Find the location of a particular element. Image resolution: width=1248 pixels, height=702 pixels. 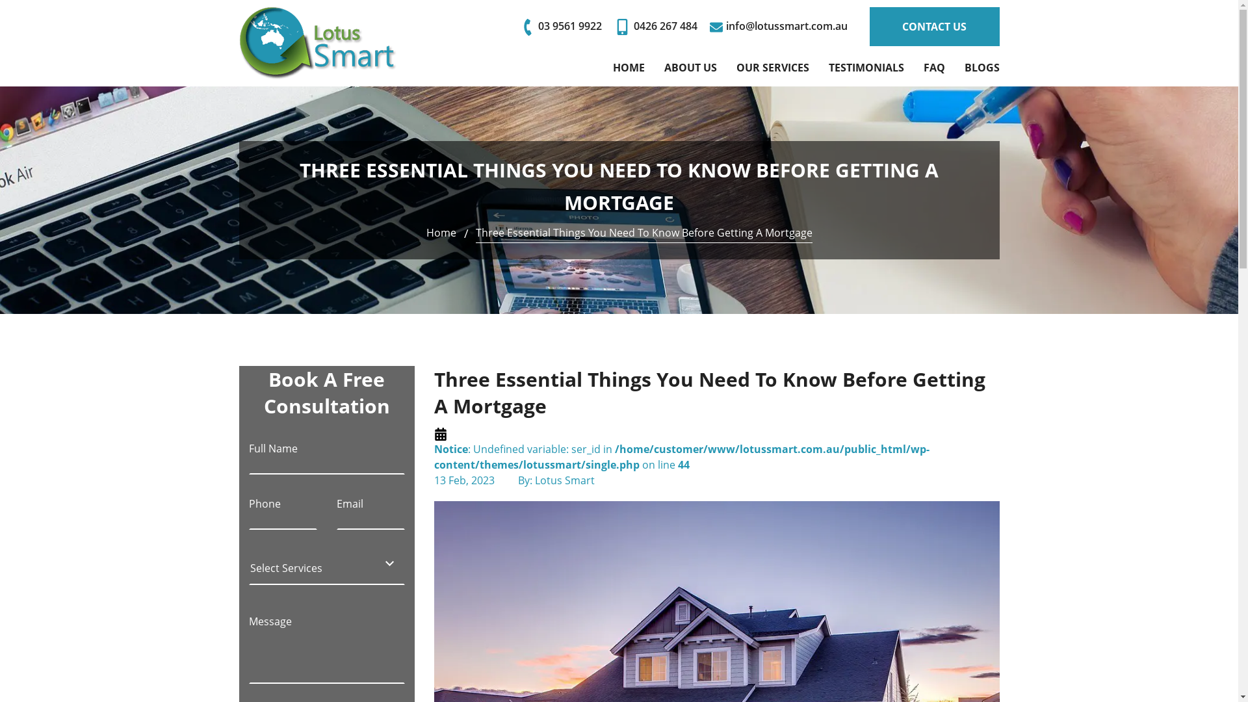

'ABOUT US' is located at coordinates (664, 68).